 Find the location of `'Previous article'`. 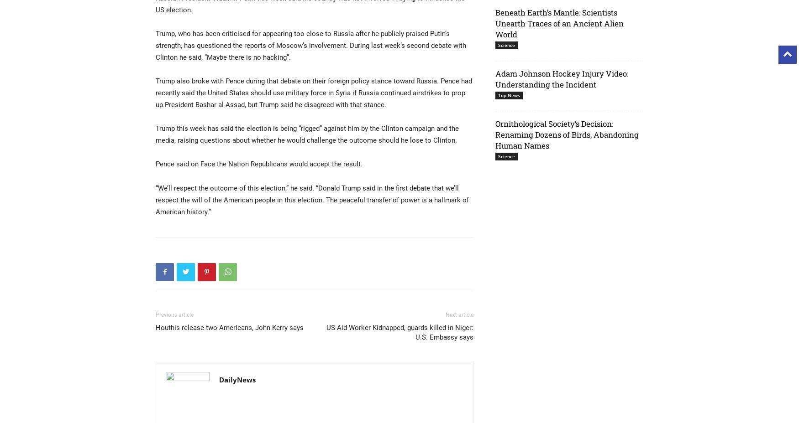

'Previous article' is located at coordinates (174, 314).